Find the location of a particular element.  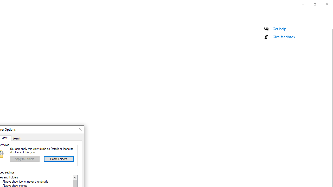

'Search' is located at coordinates (17, 138).